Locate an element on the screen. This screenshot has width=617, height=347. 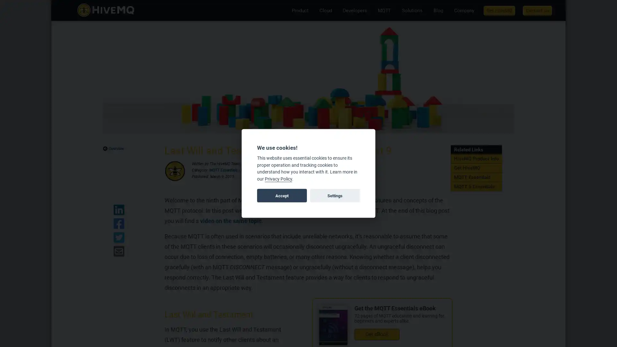
Get eBook is located at coordinates (376, 334).